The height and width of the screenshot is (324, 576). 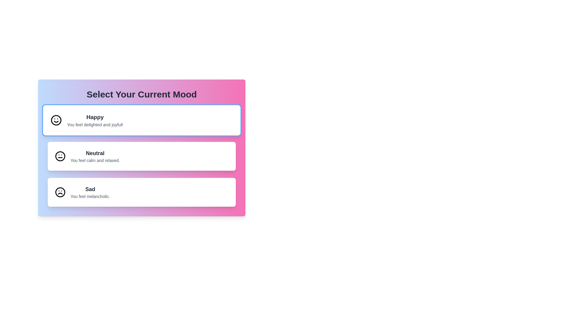 I want to click on the 'Sad' mood title label, which is located at the top-left of its section, above the description 'You feel melancholic.', so click(x=90, y=189).